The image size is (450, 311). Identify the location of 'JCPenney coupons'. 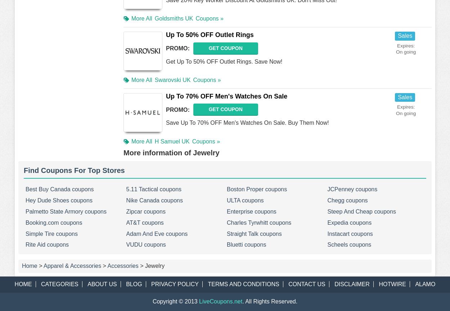
(352, 189).